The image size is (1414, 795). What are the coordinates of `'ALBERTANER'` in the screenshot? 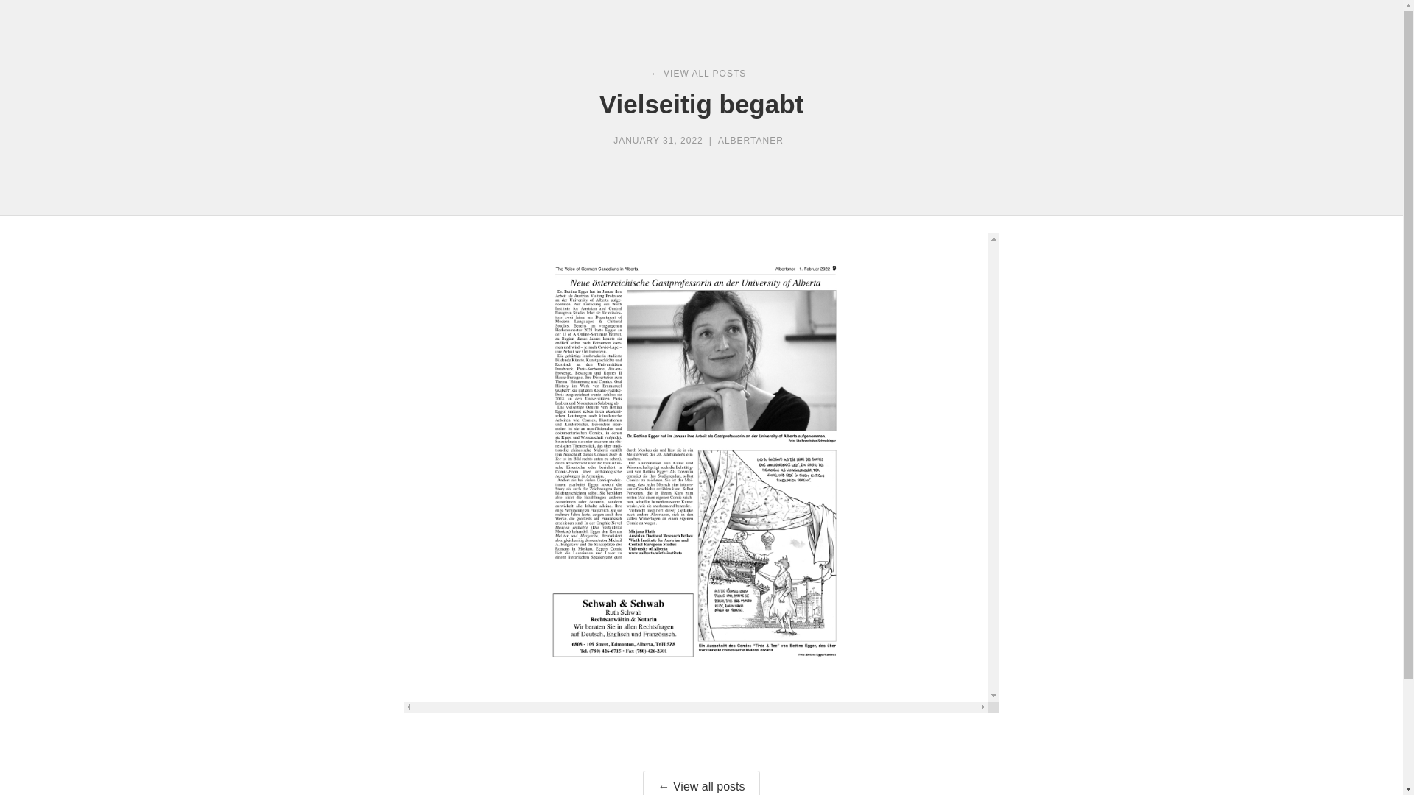 It's located at (750, 141).